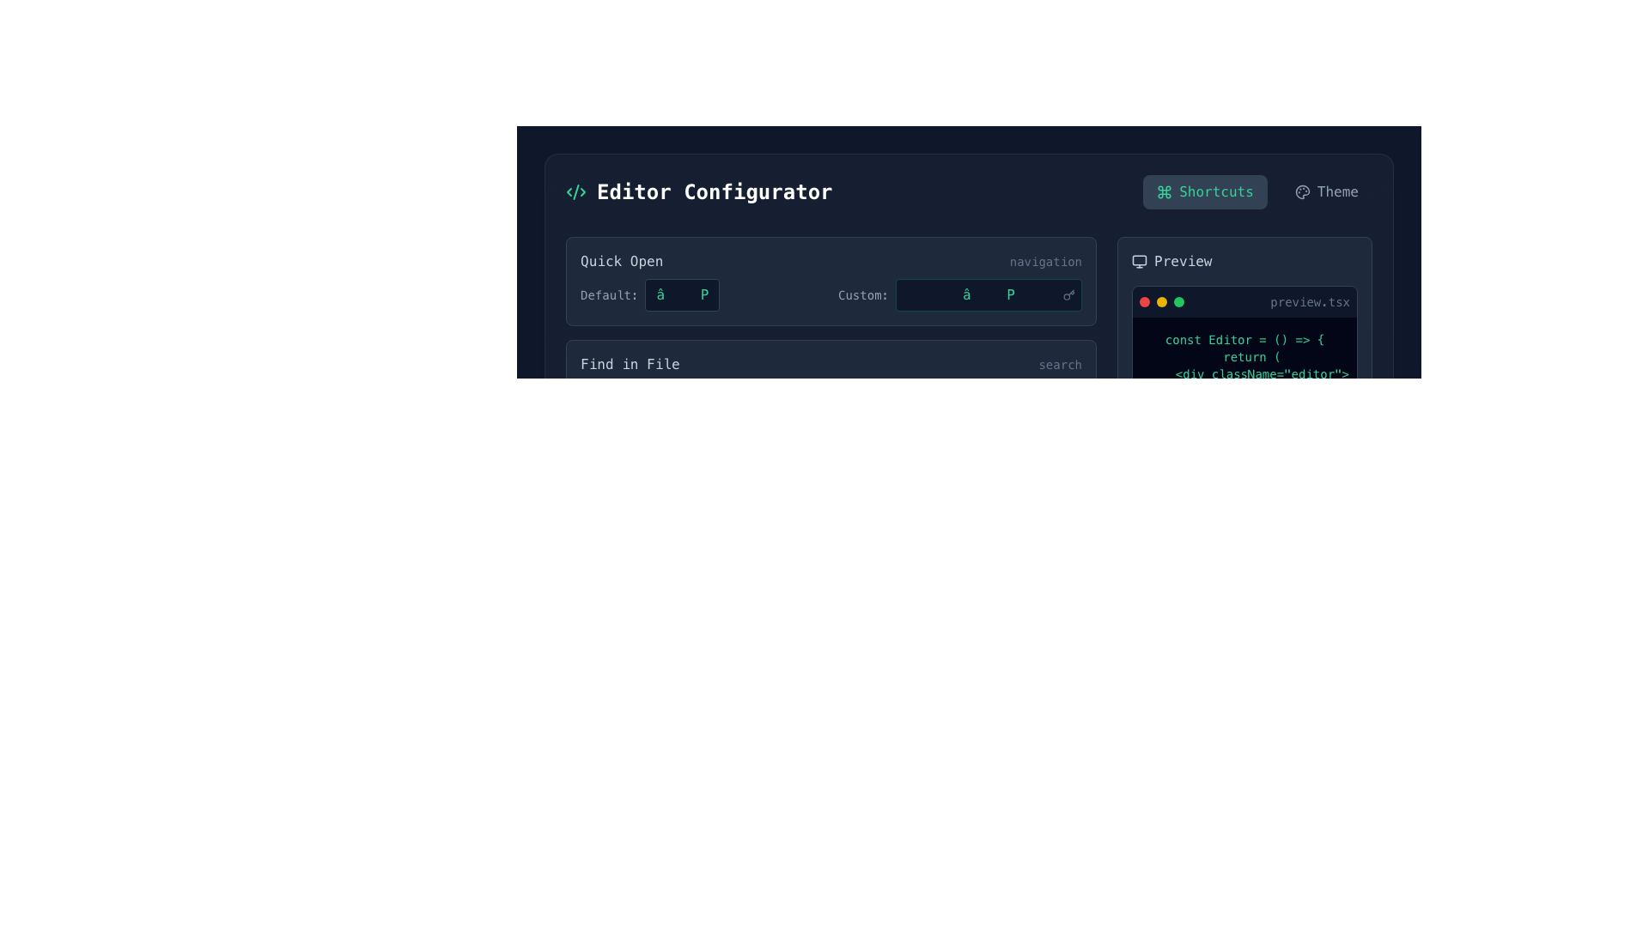 This screenshot has width=1649, height=927. I want to click on the Header bar containing three colored circles and the text 'preview.tsx' located at the top of the 'Preview' panel, so click(1244, 300).